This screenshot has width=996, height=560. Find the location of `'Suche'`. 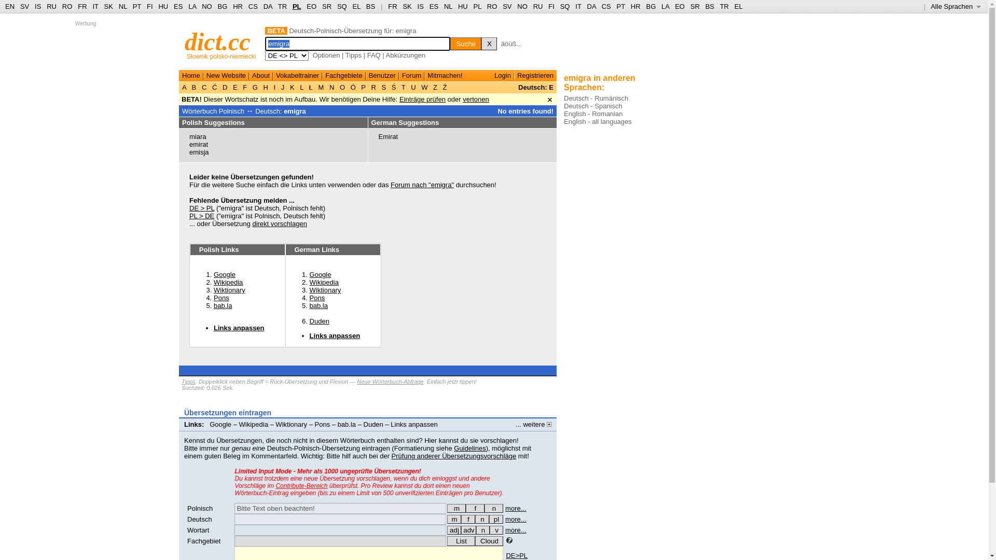

'Suche' is located at coordinates (465, 43).